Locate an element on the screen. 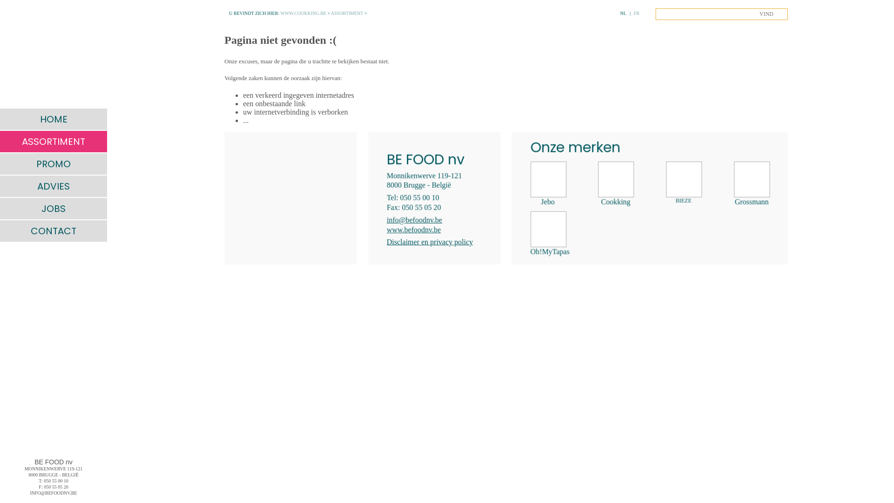 Image resolution: width=894 pixels, height=503 pixels. 'ADVIES' is located at coordinates (0, 186).